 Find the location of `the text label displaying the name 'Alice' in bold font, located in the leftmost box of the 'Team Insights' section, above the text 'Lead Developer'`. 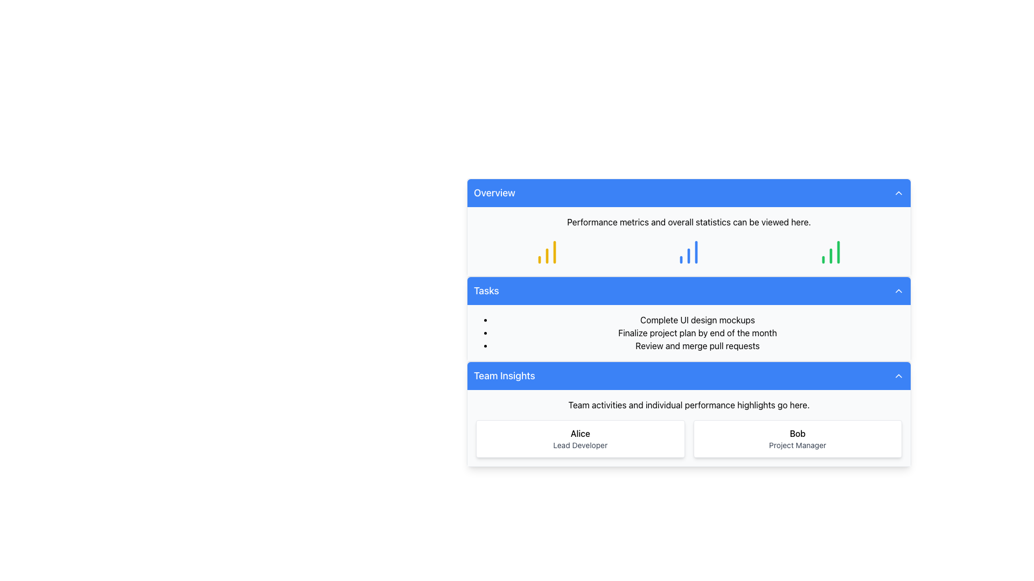

the text label displaying the name 'Alice' in bold font, located in the leftmost box of the 'Team Insights' section, above the text 'Lead Developer' is located at coordinates (579, 433).